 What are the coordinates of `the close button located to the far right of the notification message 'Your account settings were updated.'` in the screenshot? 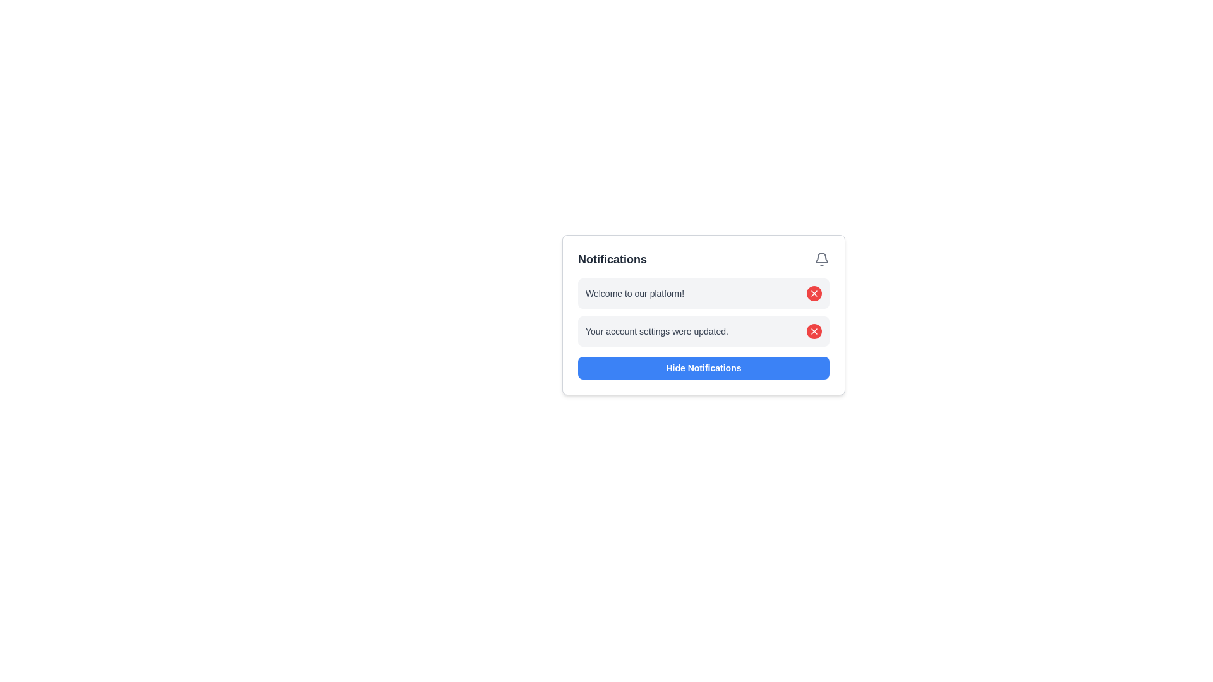 It's located at (814, 330).